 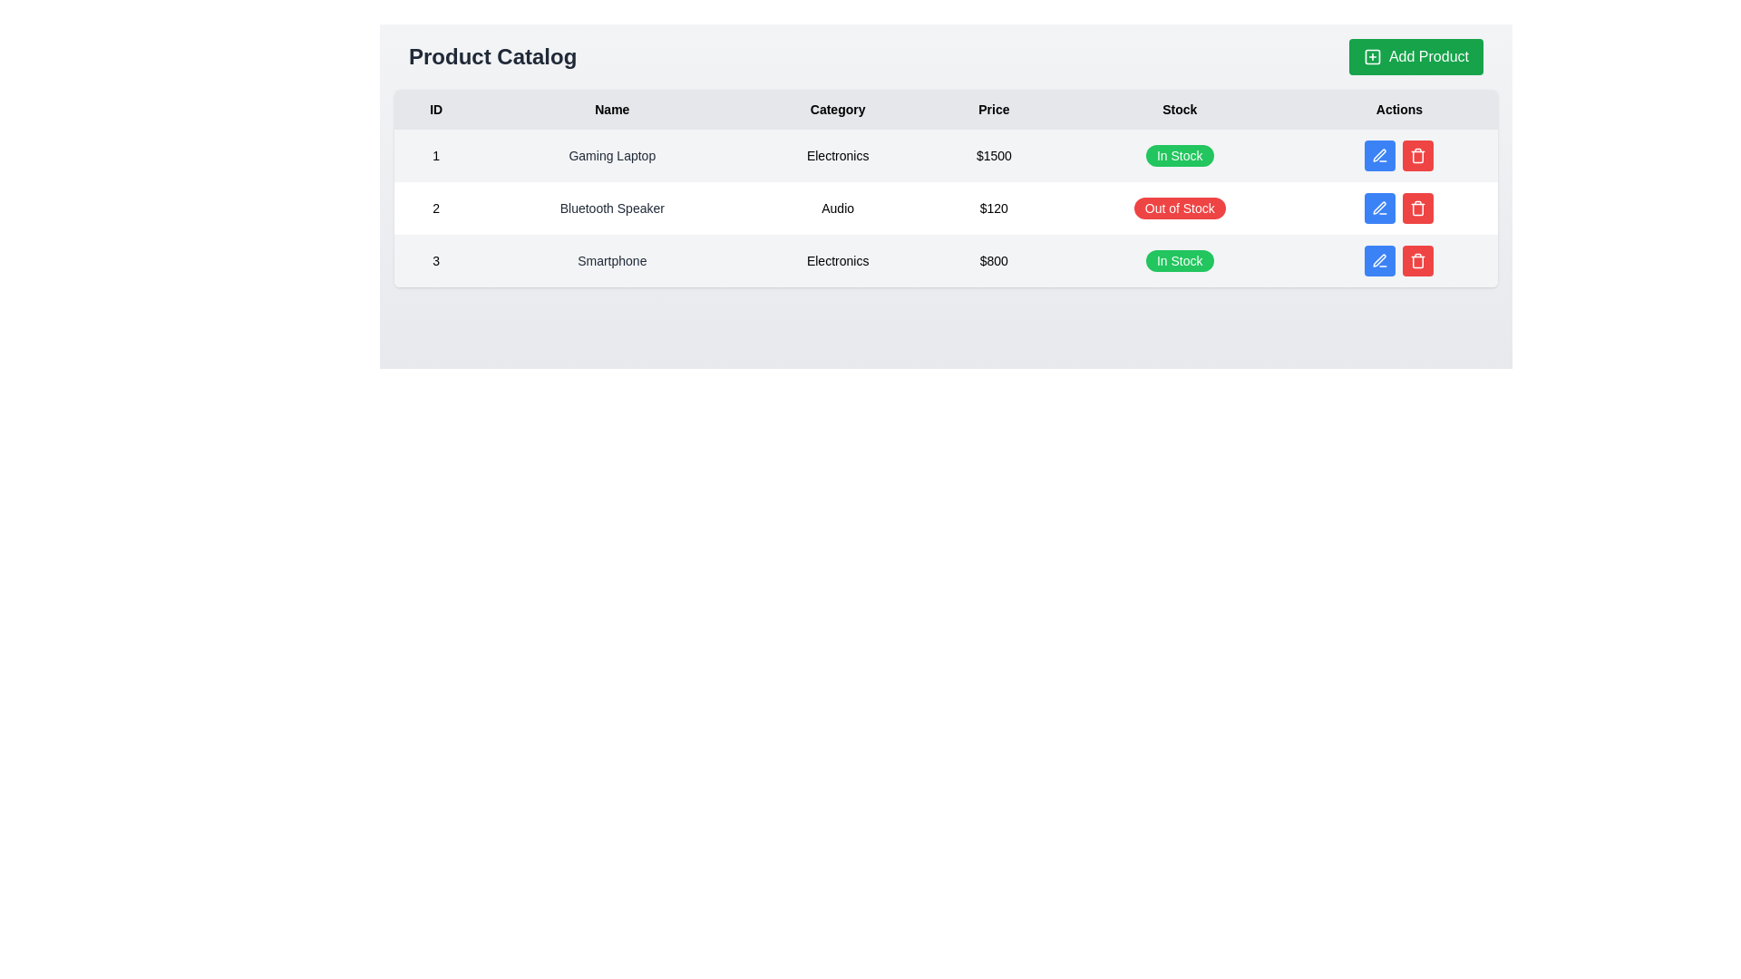 What do you see at coordinates (1417, 261) in the screenshot?
I see `the Trash Icon button in the Actions column of the second row` at bounding box center [1417, 261].